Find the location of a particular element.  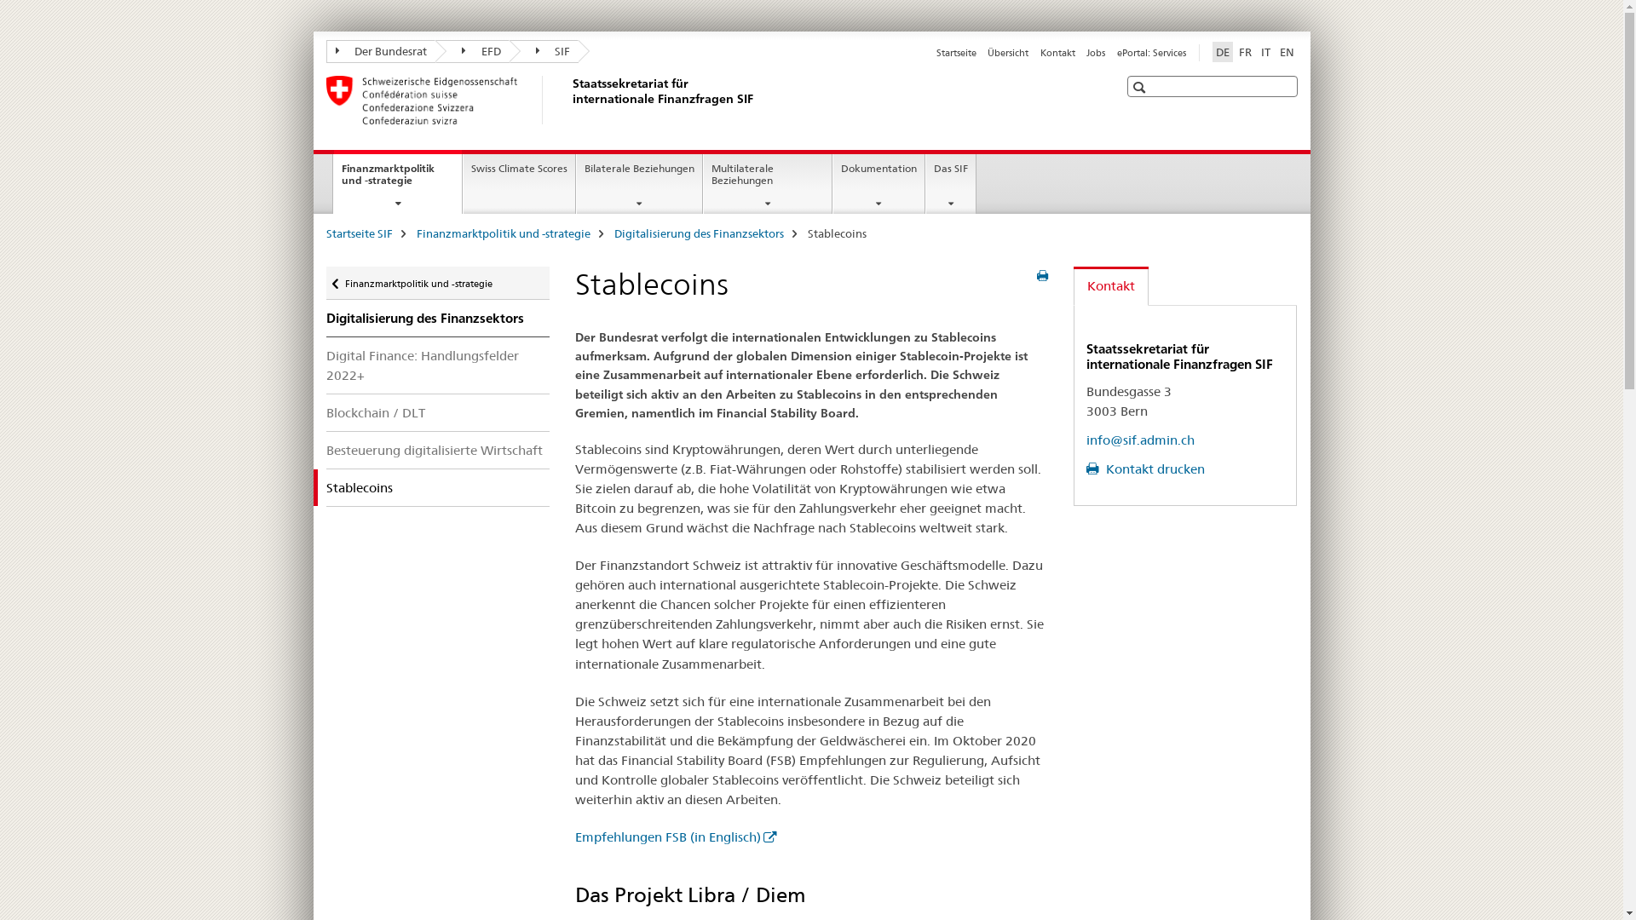

'Das SIF' is located at coordinates (950, 184).